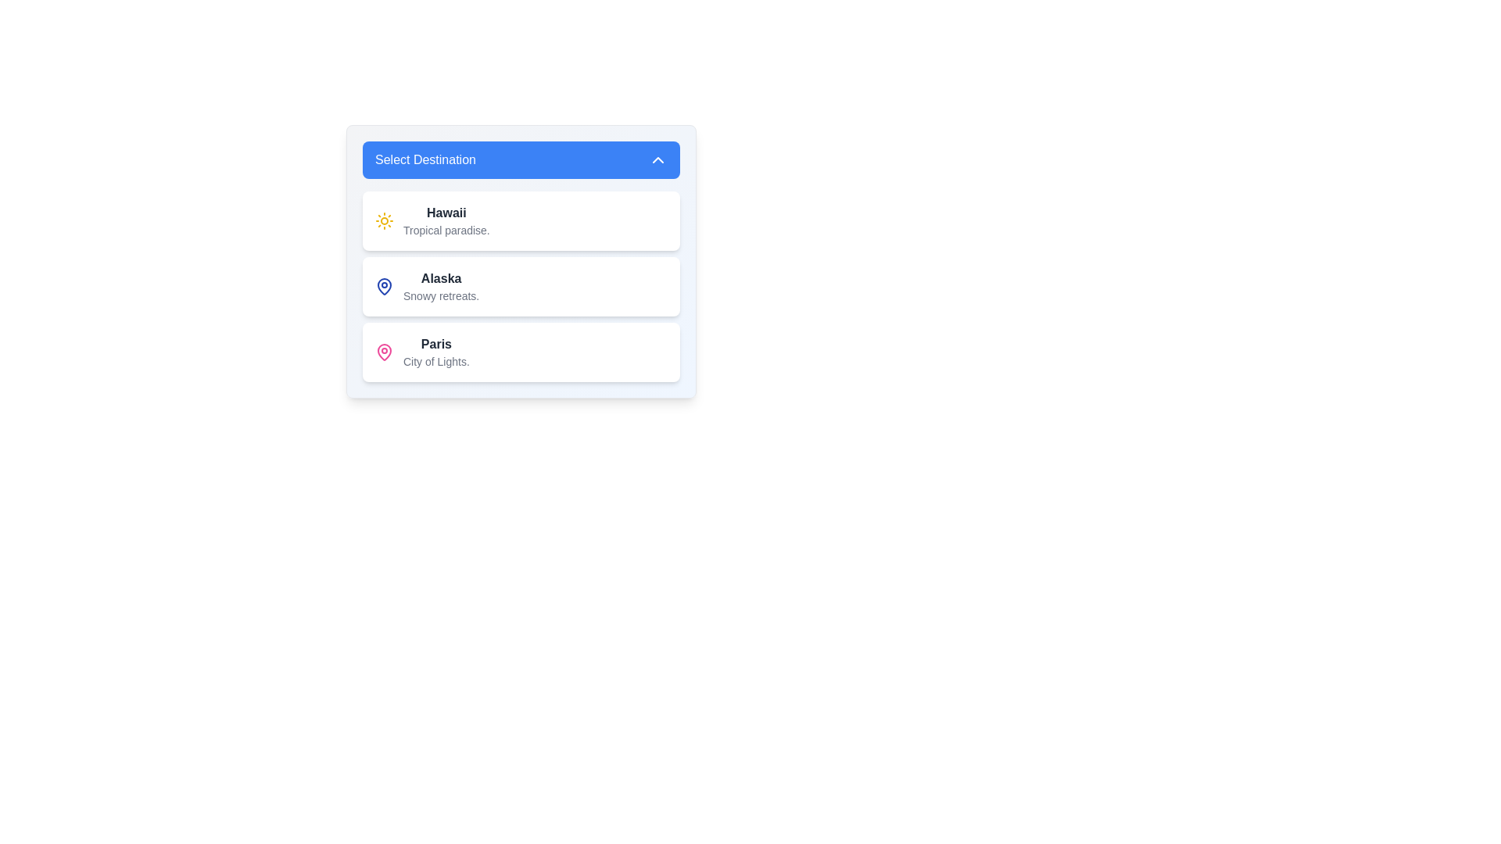  I want to click on the label for 'Hawaii' in the dropdown list of destinations, which is positioned above the subtitle 'Tropical paradise.', so click(446, 213).